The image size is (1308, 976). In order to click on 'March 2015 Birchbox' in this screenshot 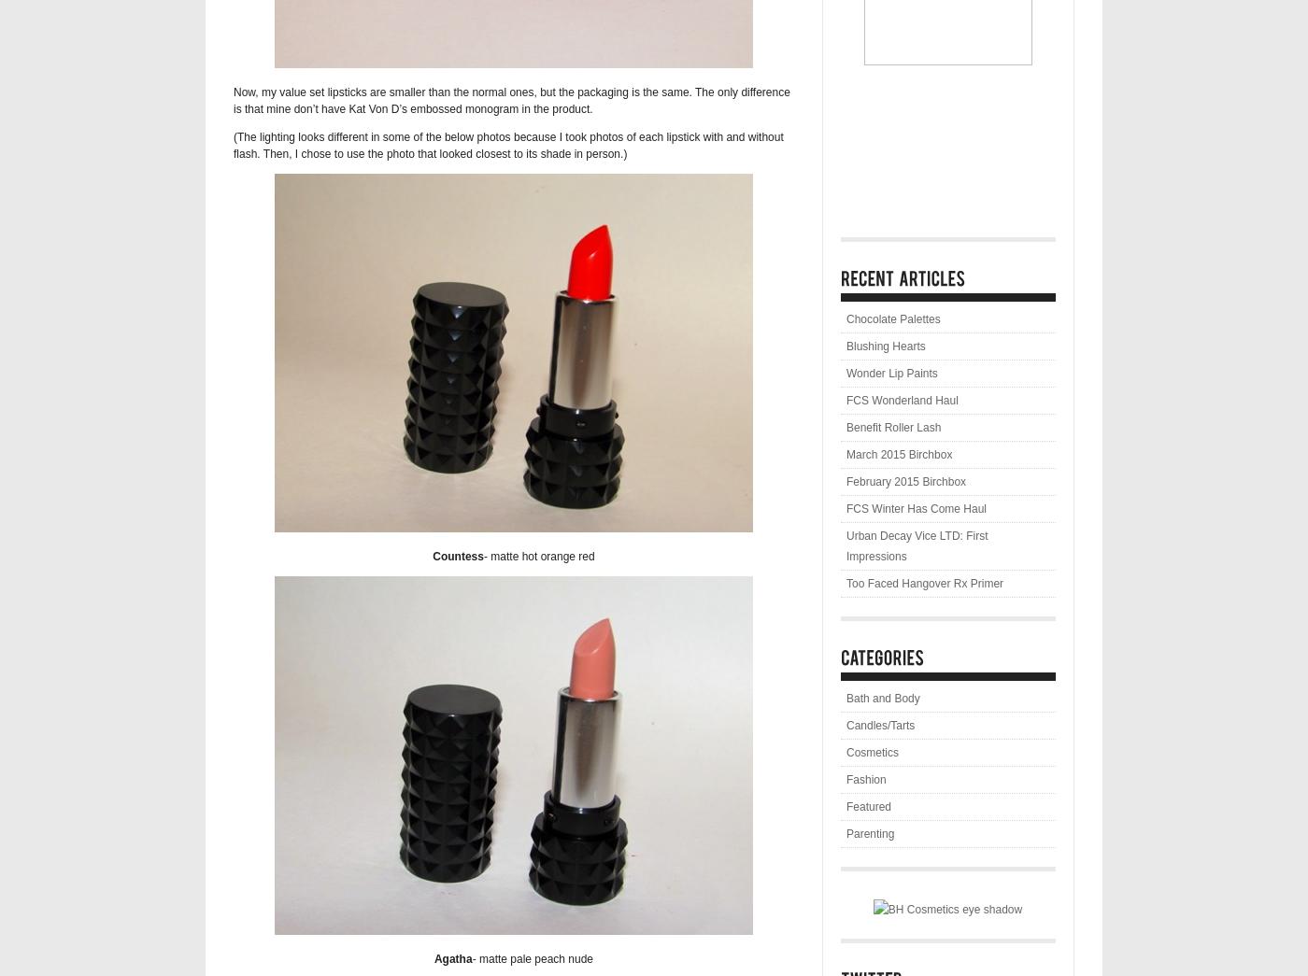, I will do `click(899, 453)`.